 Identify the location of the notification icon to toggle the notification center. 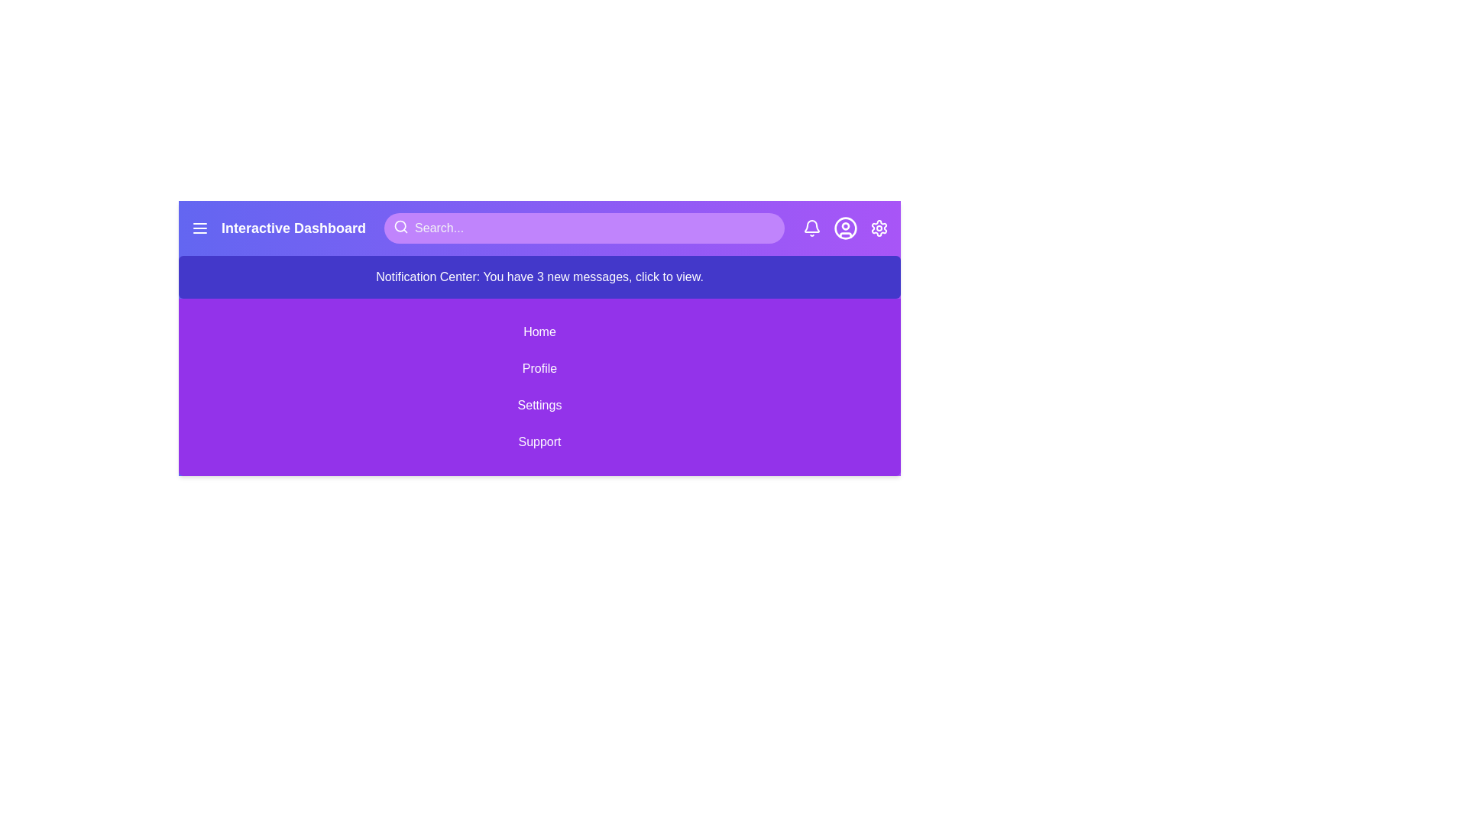
(811, 228).